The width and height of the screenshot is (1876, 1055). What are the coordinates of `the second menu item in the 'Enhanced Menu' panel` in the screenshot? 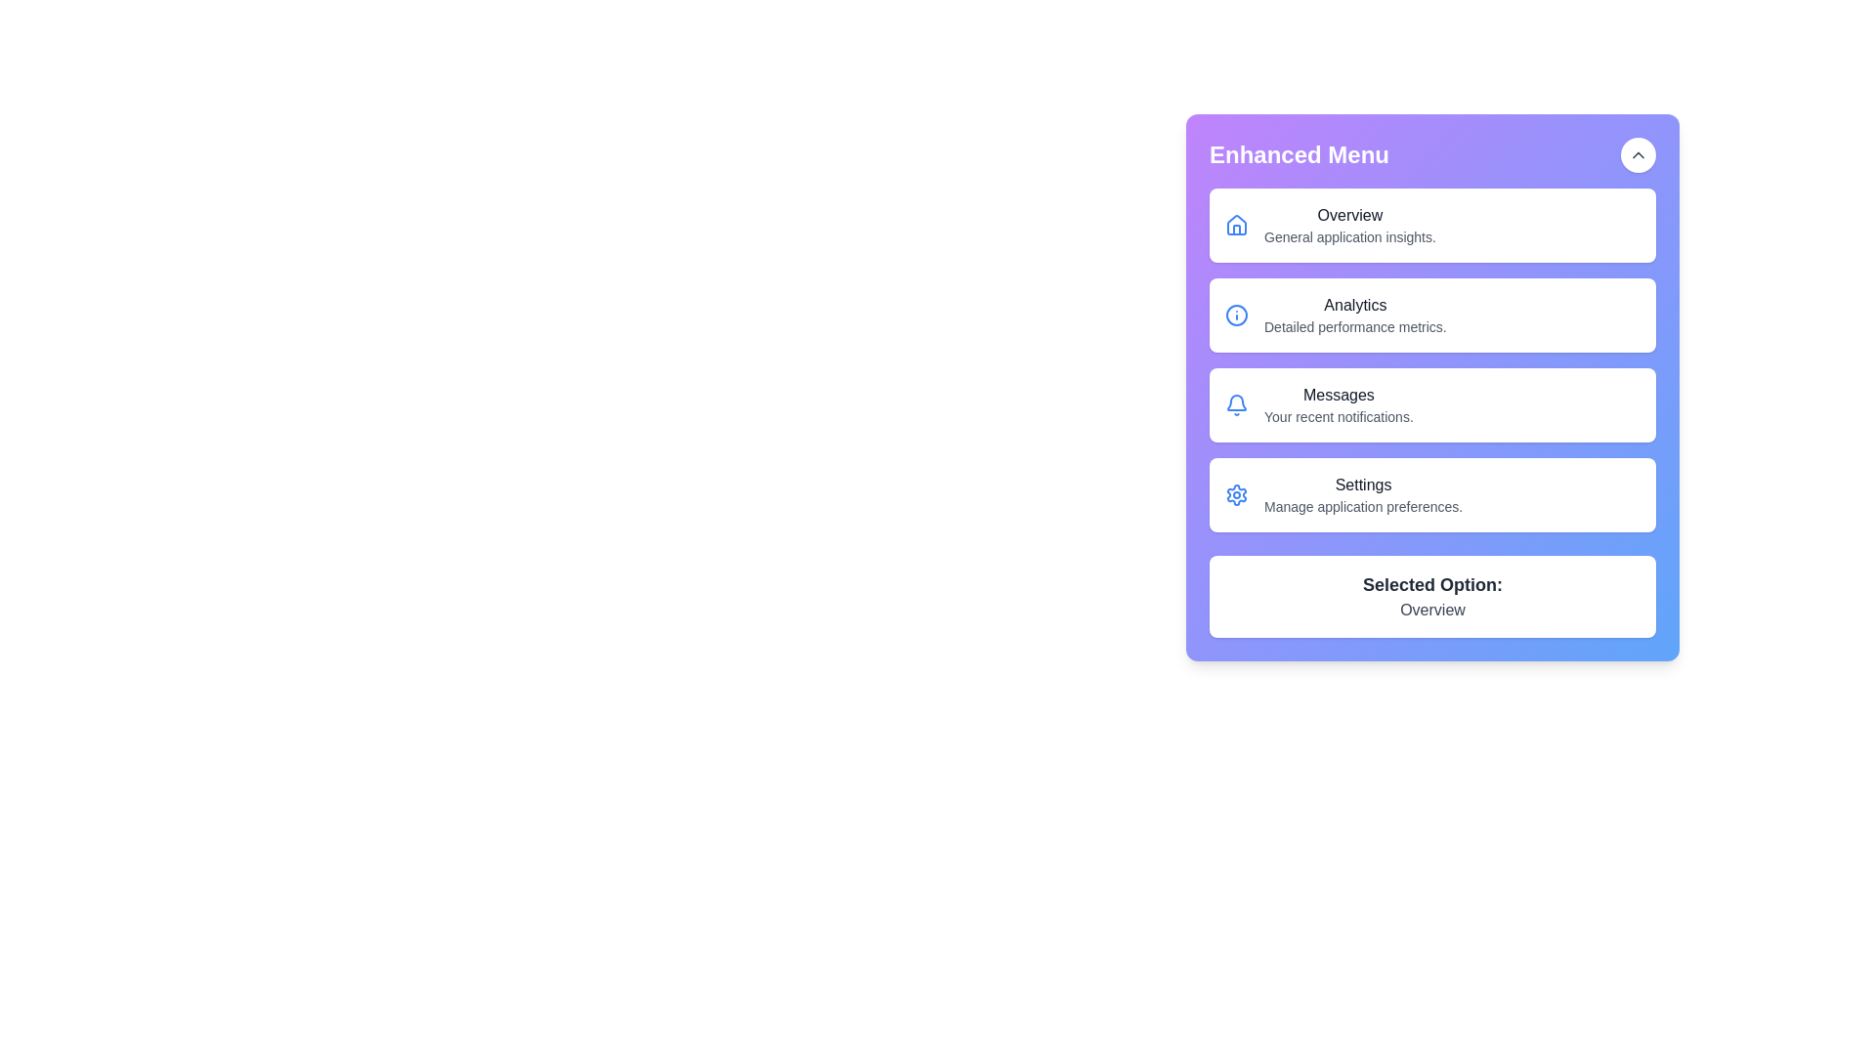 It's located at (1354, 315).